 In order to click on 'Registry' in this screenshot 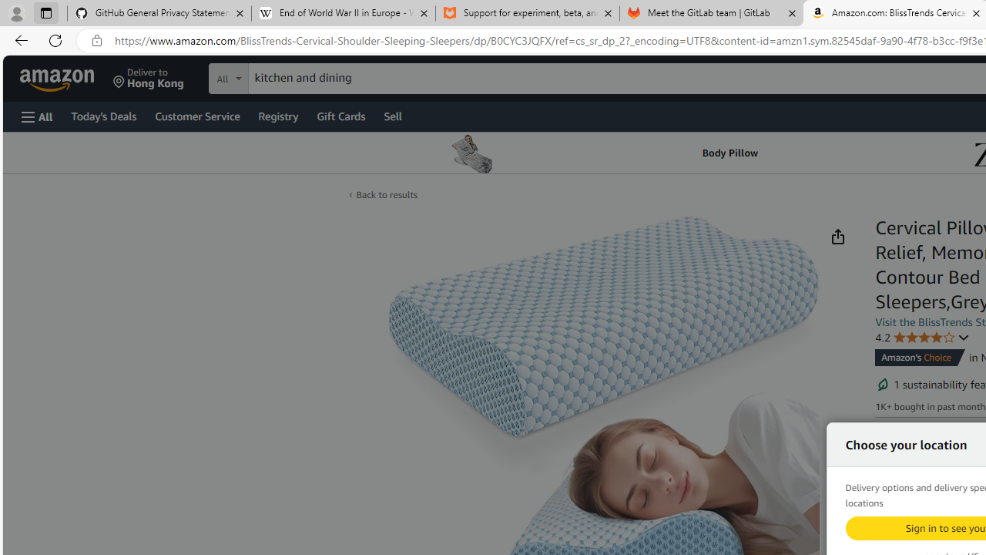, I will do `click(277, 115)`.